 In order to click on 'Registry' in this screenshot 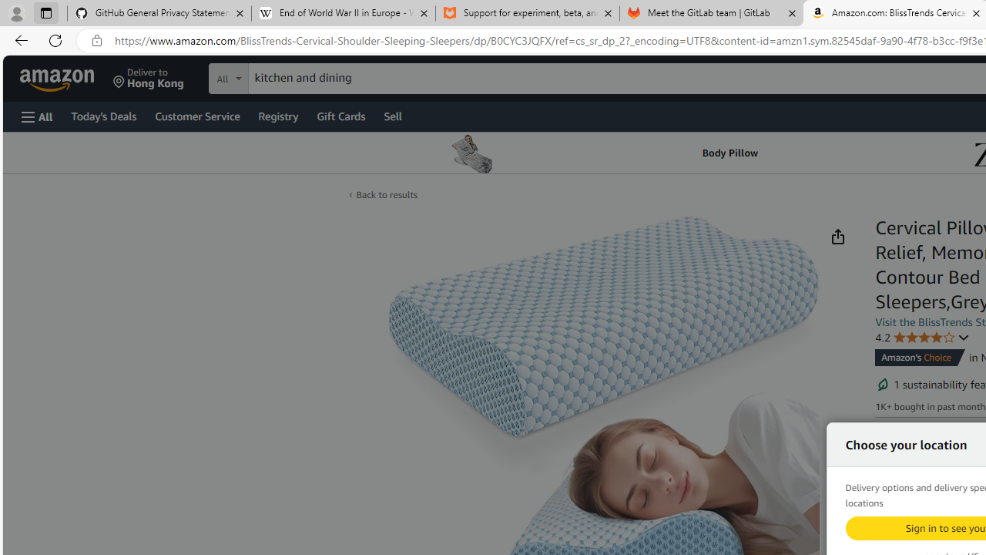, I will do `click(277, 115)`.